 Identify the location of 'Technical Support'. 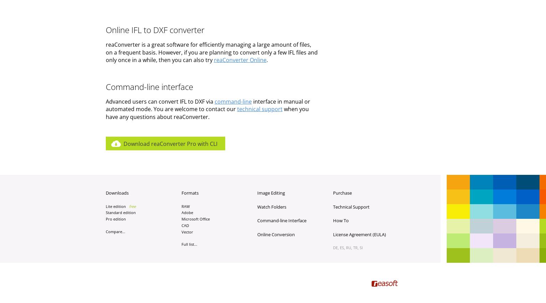
(351, 206).